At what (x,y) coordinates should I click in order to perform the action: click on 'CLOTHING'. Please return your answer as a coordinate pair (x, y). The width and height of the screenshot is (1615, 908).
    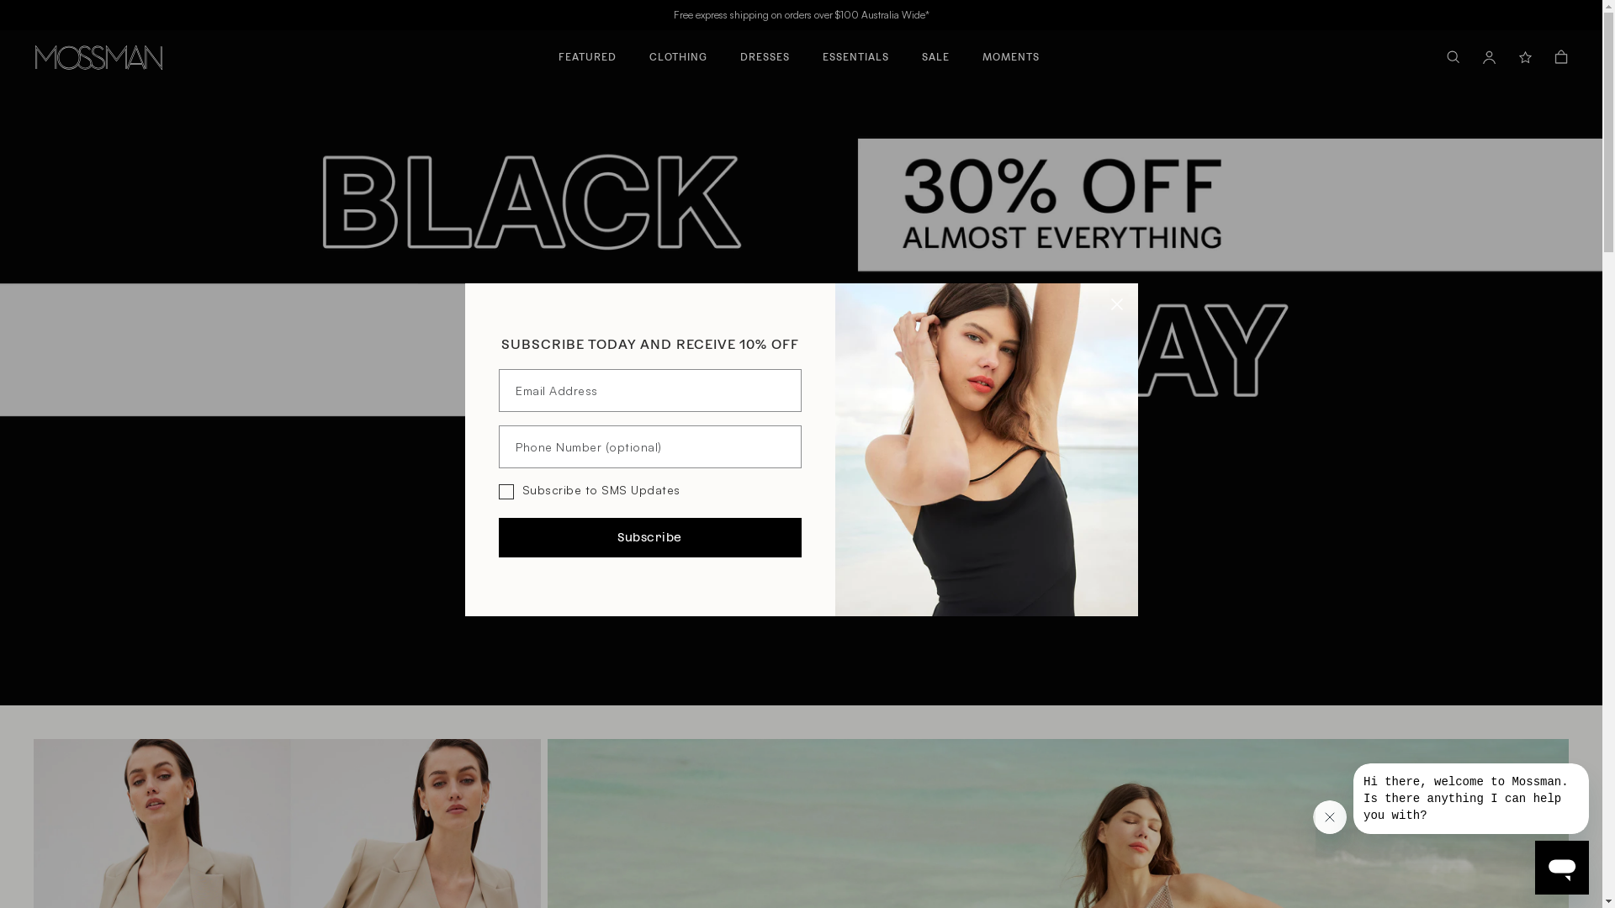
    Looking at the image, I should click on (678, 49).